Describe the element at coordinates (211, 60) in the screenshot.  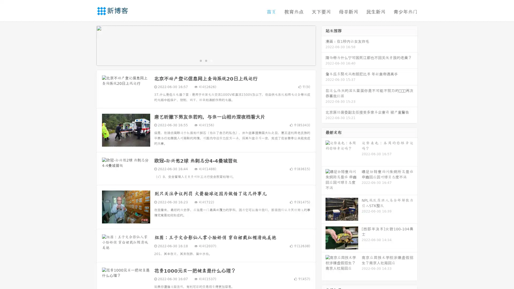
I see `Go to slide 3` at that location.